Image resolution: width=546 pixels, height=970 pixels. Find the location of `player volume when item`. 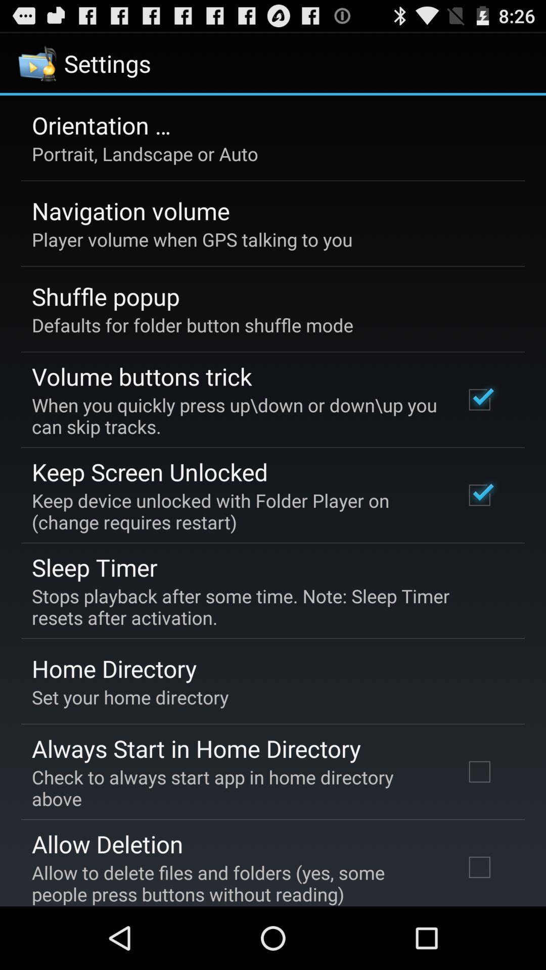

player volume when item is located at coordinates (192, 239).